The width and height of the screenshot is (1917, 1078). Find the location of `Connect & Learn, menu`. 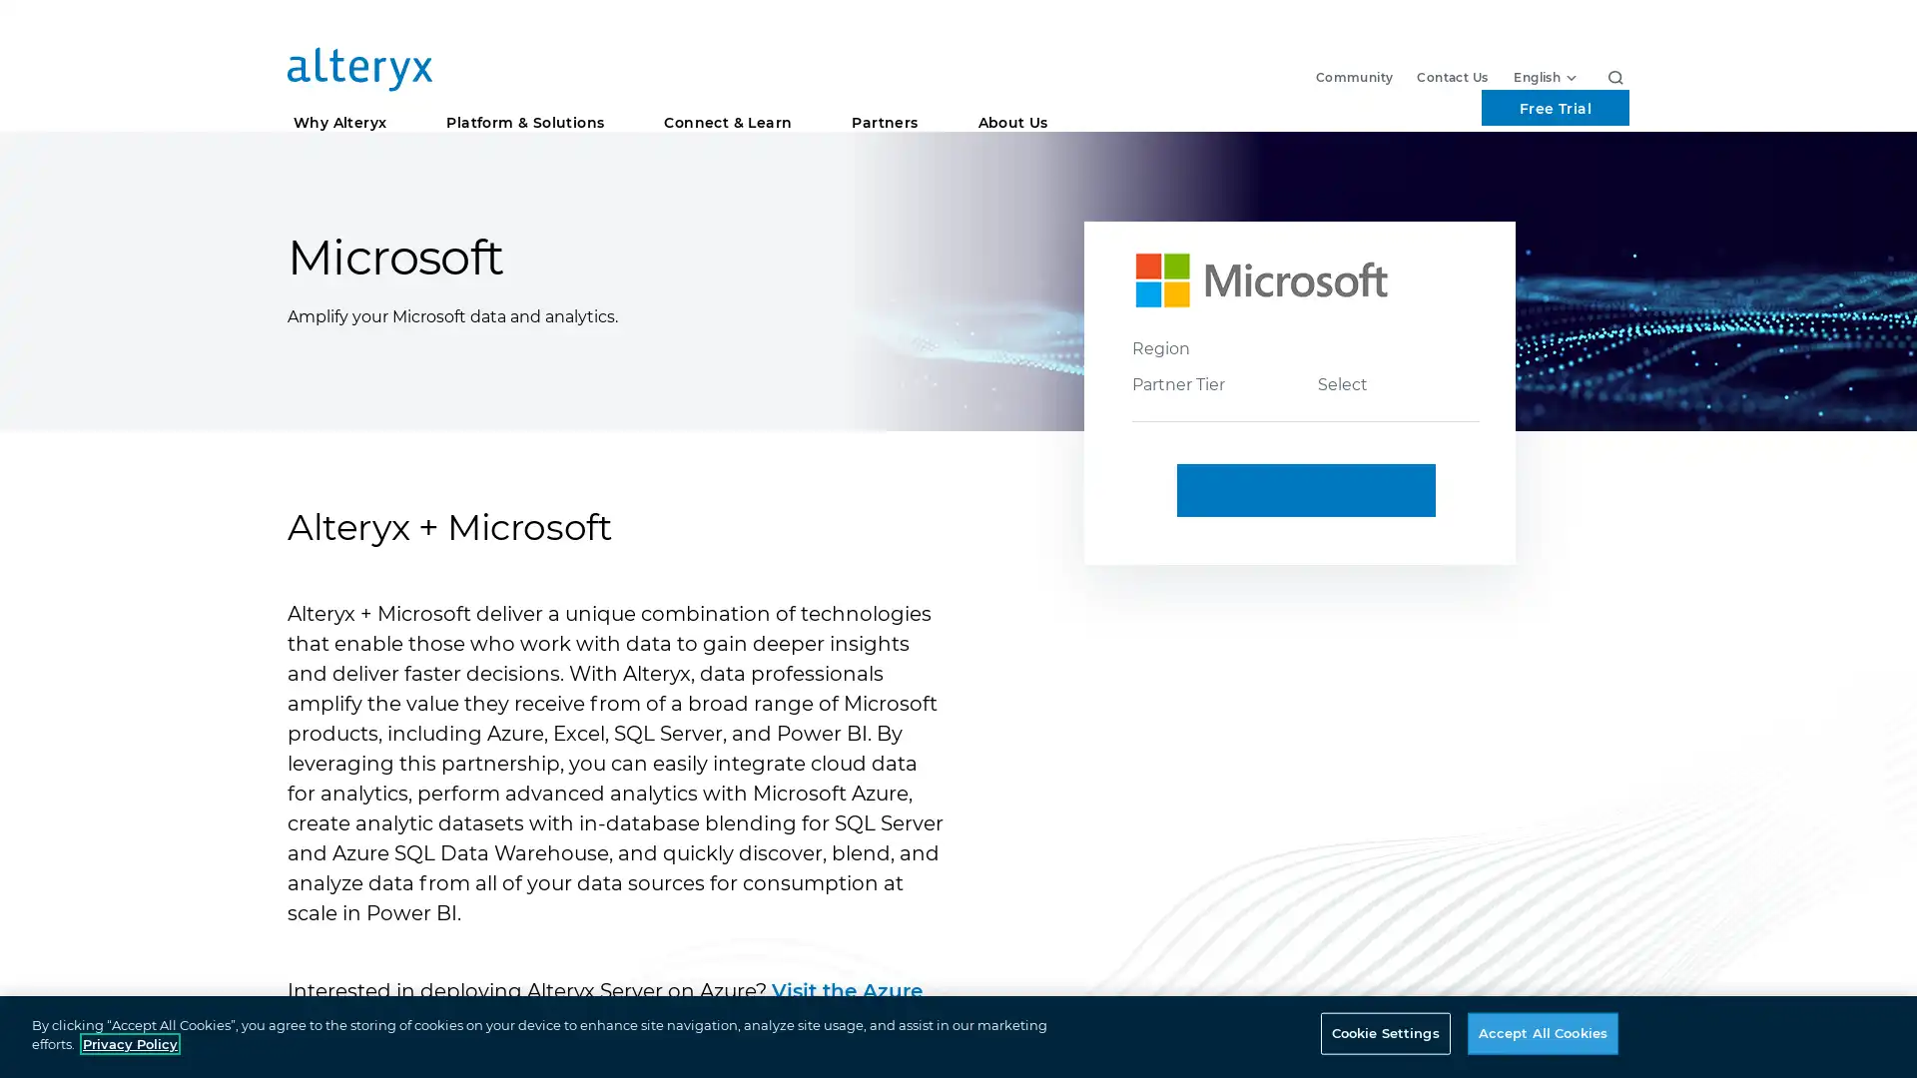

Connect & Learn, menu is located at coordinates (727, 100).